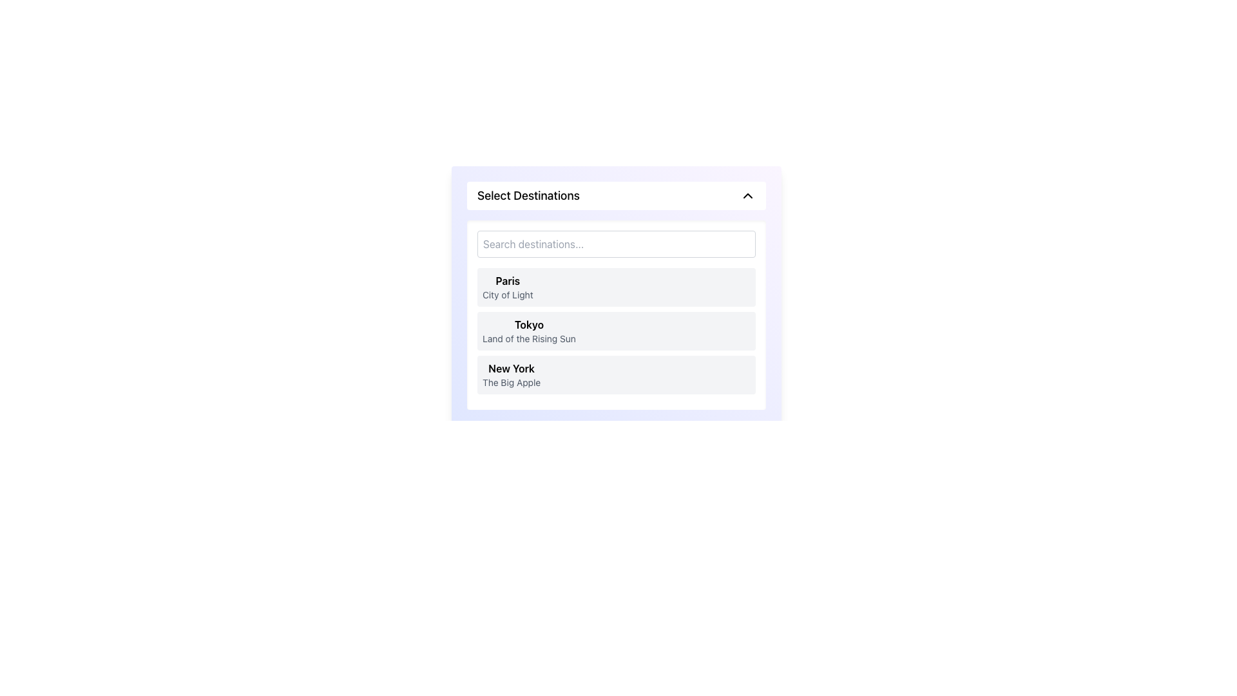 Image resolution: width=1237 pixels, height=696 pixels. What do you see at coordinates (529, 324) in the screenshot?
I see `text label that displays 'Tokyo', which is styled in medium bold font and positioned centrally above the description 'Land of the Rising Sun' in the second card of the vertically stacked list` at bounding box center [529, 324].